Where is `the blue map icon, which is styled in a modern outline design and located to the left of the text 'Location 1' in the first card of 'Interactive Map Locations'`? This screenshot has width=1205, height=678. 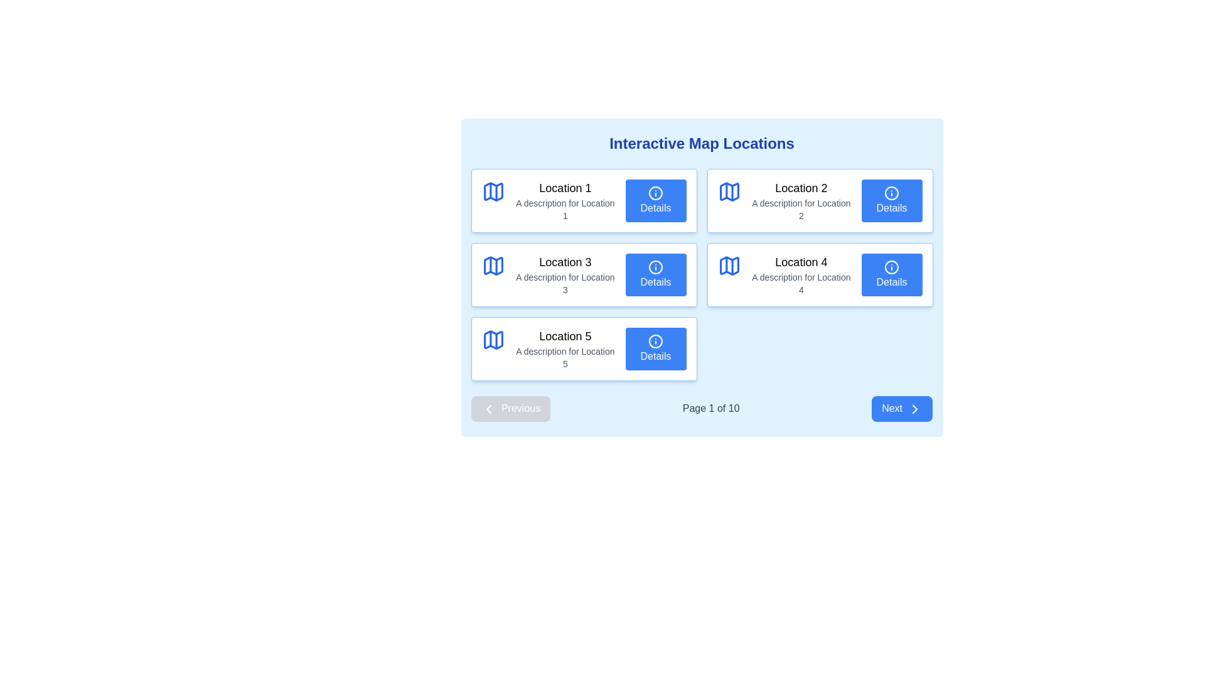 the blue map icon, which is styled in a modern outline design and located to the left of the text 'Location 1' in the first card of 'Interactive Map Locations' is located at coordinates (493, 191).